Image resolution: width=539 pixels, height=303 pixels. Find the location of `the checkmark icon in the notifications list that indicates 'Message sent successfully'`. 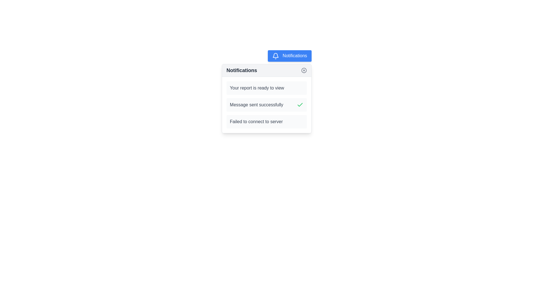

the checkmark icon in the notifications list that indicates 'Message sent successfully' is located at coordinates (300, 105).